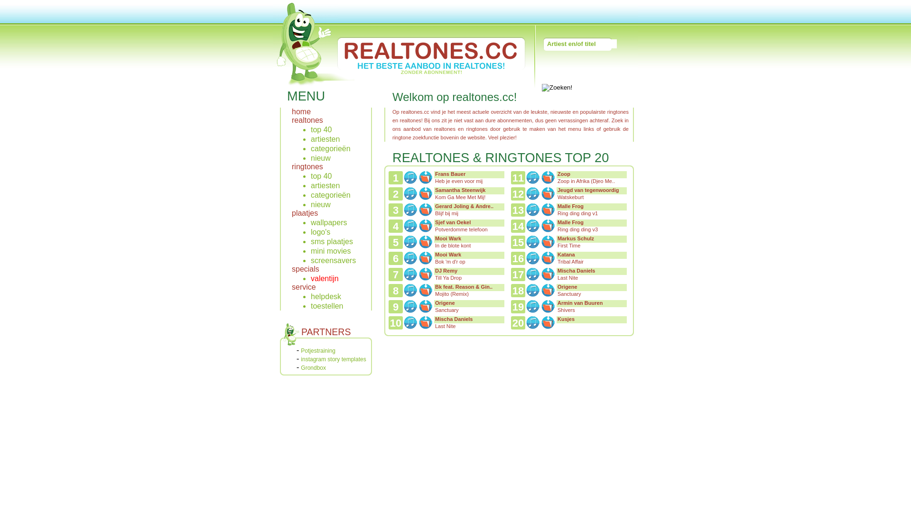  What do you see at coordinates (328, 222) in the screenshot?
I see `'wallpapers'` at bounding box center [328, 222].